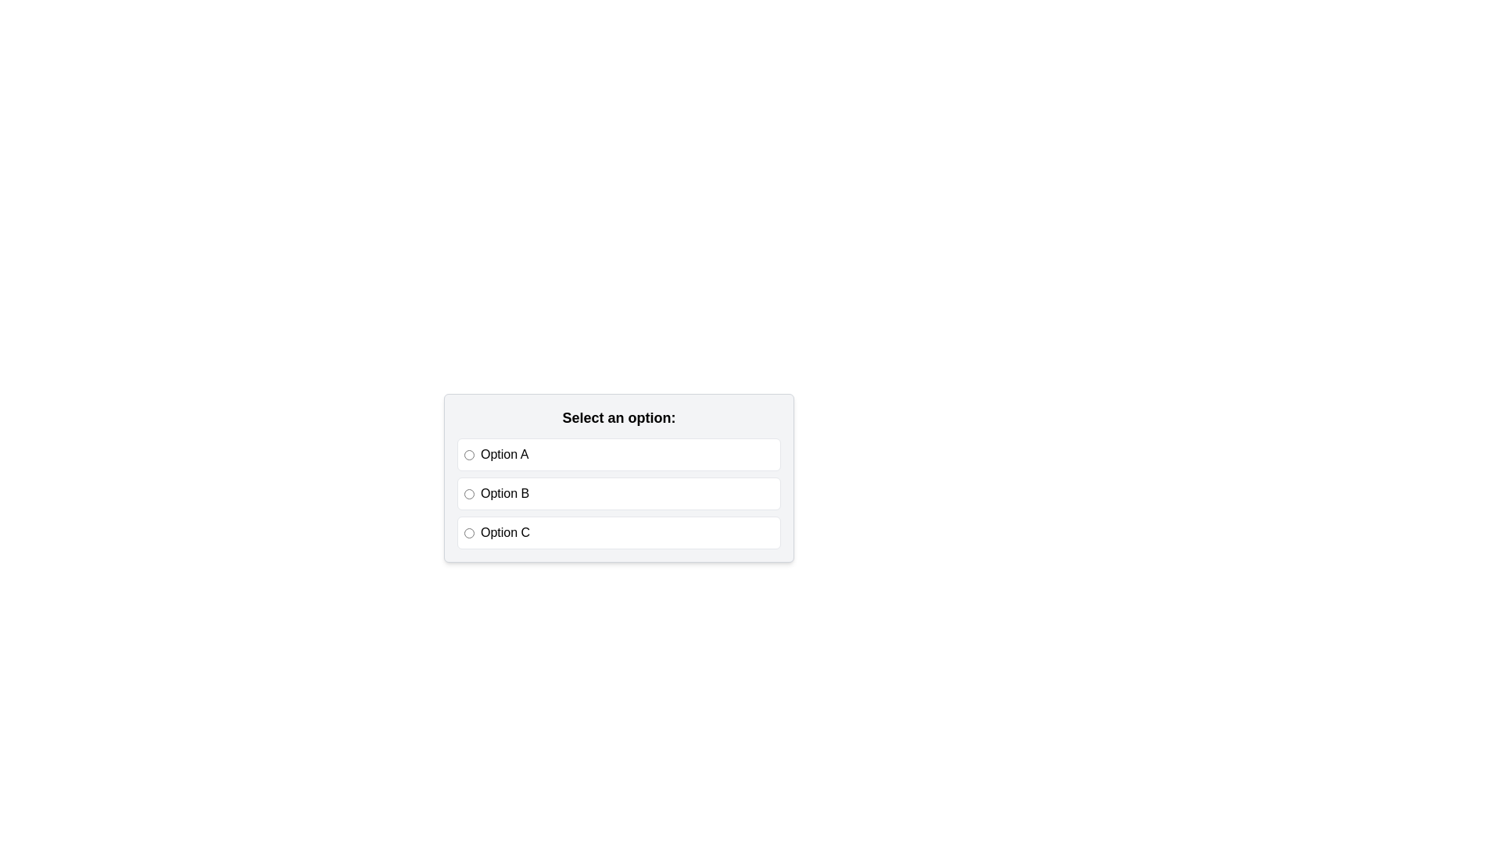 The width and height of the screenshot is (1501, 844). Describe the element at coordinates (618, 494) in the screenshot. I see `the selectable option labeled 'Option B' with a radio button to navigate through keyboard` at that location.